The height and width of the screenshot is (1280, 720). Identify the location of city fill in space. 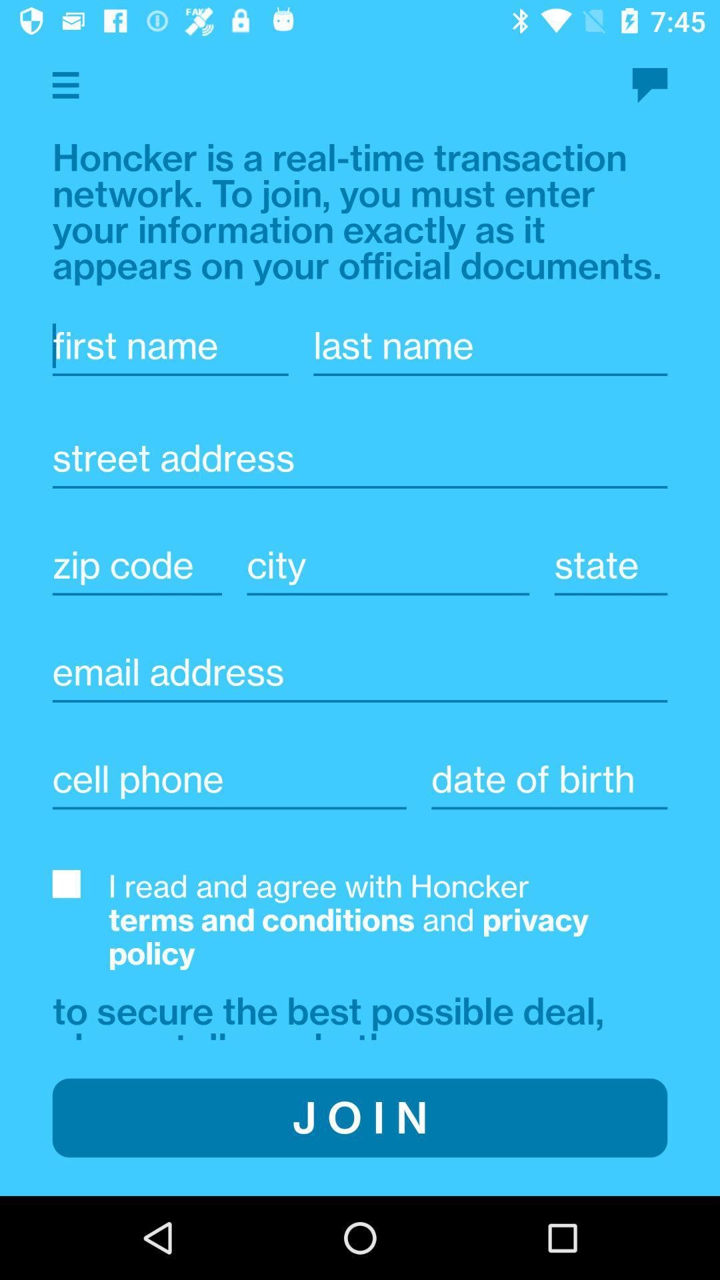
(388, 565).